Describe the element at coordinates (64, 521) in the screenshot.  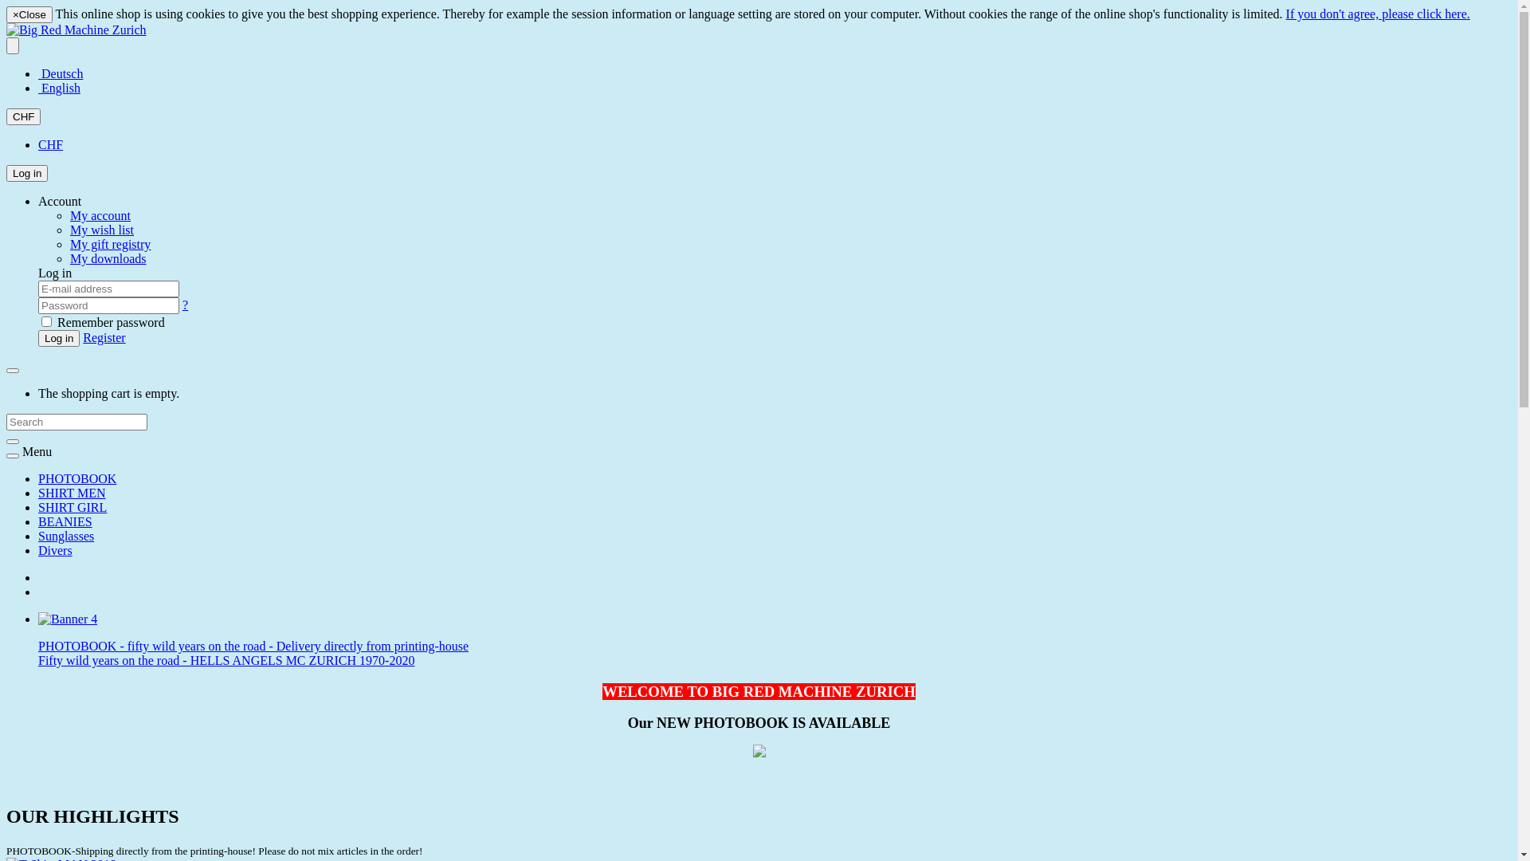
I see `'BEANIES'` at that location.